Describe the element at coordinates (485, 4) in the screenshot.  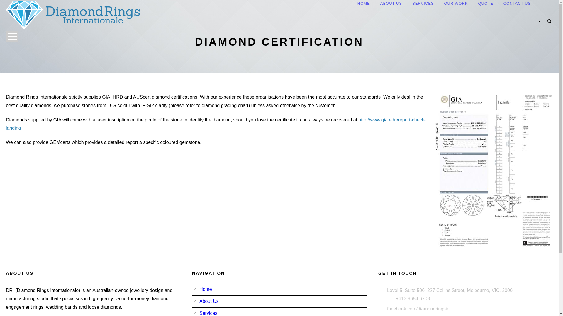
I see `'QUOTE'` at that location.